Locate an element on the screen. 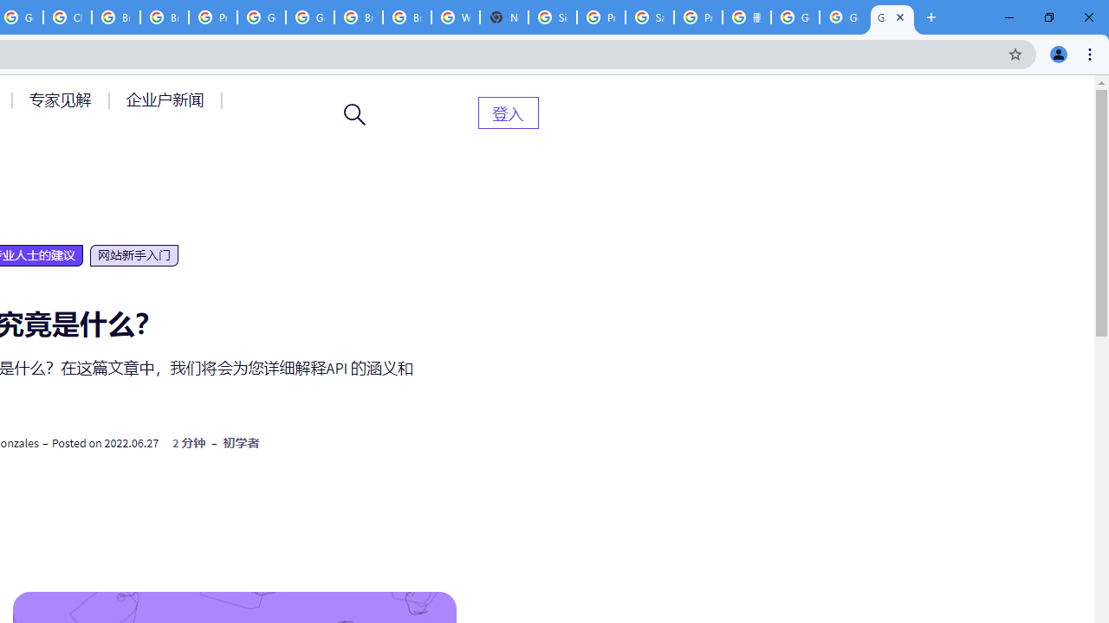  'Browse Chrome as a guest - Computer - Google Chrome Help' is located at coordinates (358, 17).